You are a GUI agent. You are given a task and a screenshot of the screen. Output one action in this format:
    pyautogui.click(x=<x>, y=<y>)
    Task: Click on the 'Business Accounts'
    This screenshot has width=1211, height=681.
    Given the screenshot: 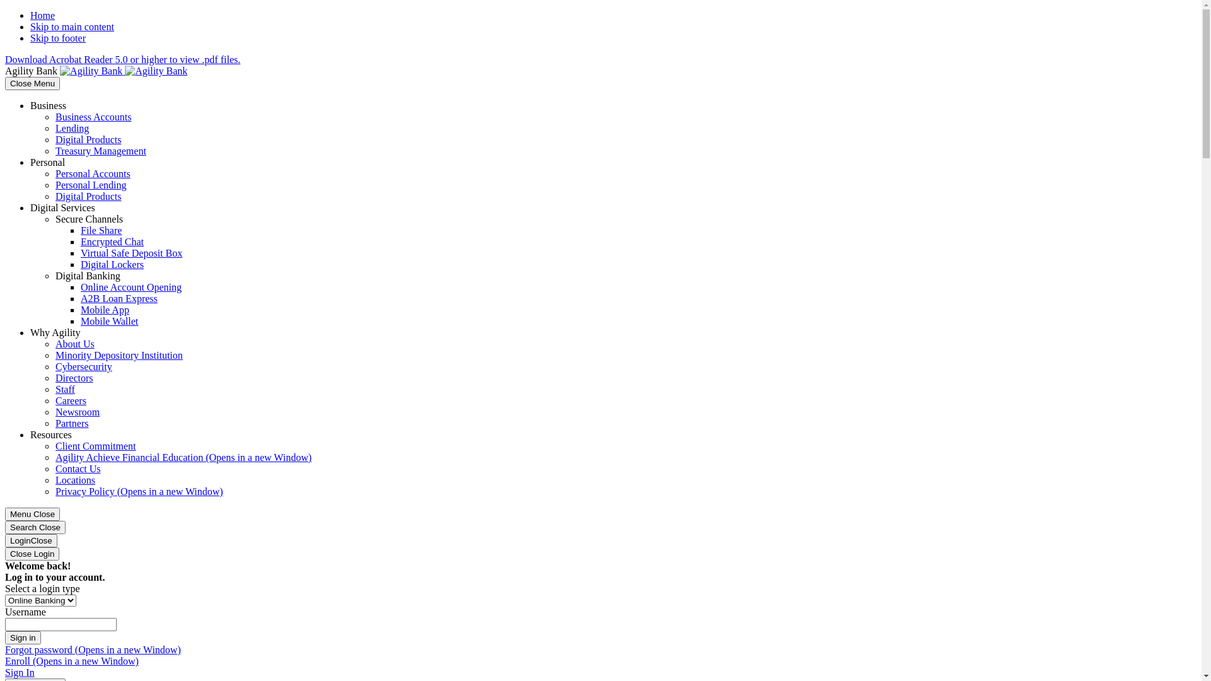 What is the action you would take?
    pyautogui.click(x=93, y=117)
    